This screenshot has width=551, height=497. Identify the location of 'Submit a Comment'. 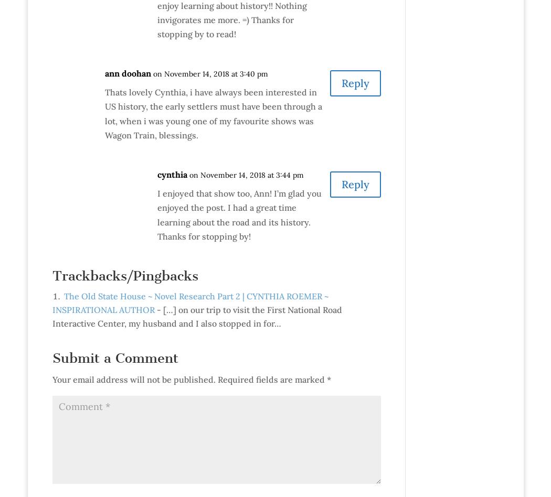
(114, 357).